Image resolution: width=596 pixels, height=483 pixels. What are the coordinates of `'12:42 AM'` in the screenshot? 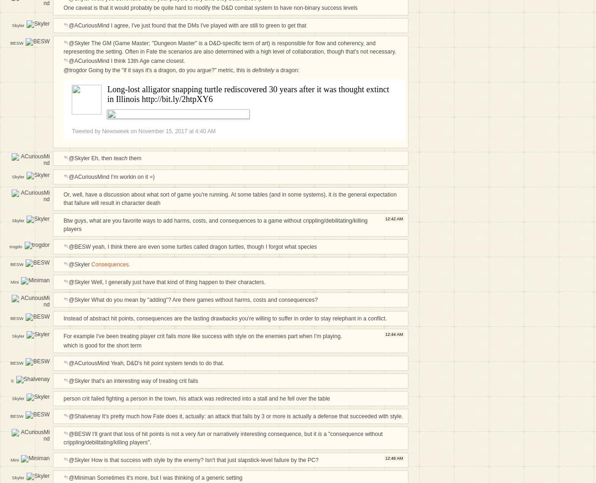 It's located at (393, 218).